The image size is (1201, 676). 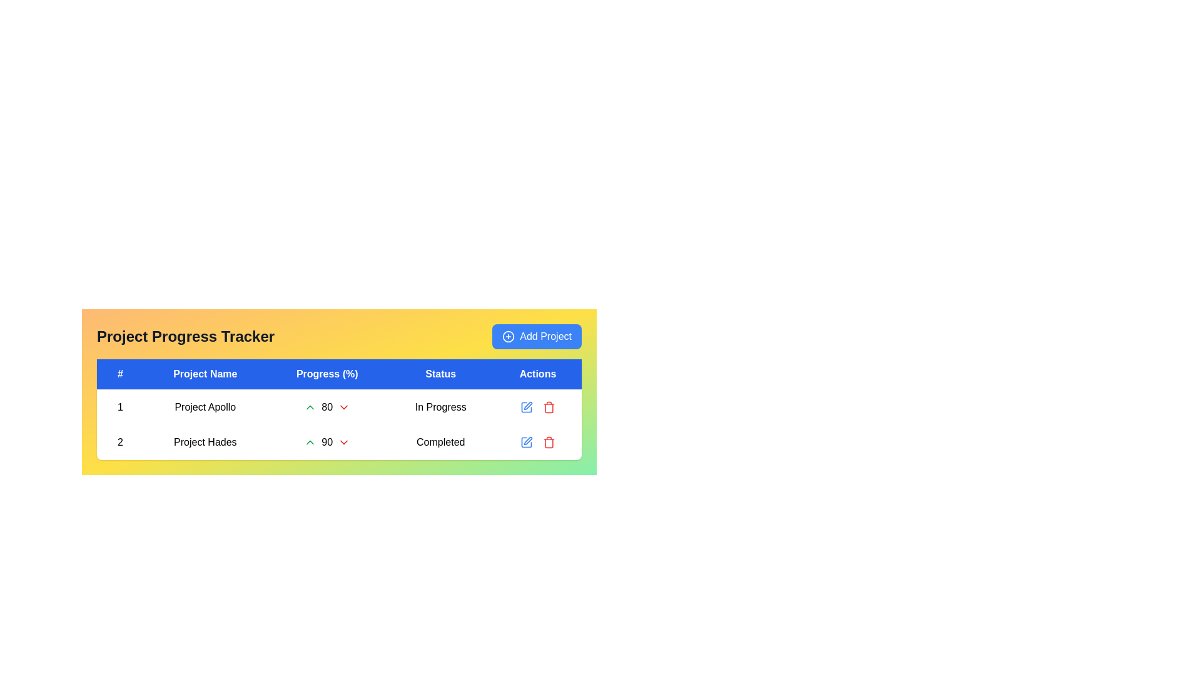 I want to click on the static numerical display showing the current progress percentage, located in the second row of the data table under the 'Progress (%)' column, so click(x=327, y=407).